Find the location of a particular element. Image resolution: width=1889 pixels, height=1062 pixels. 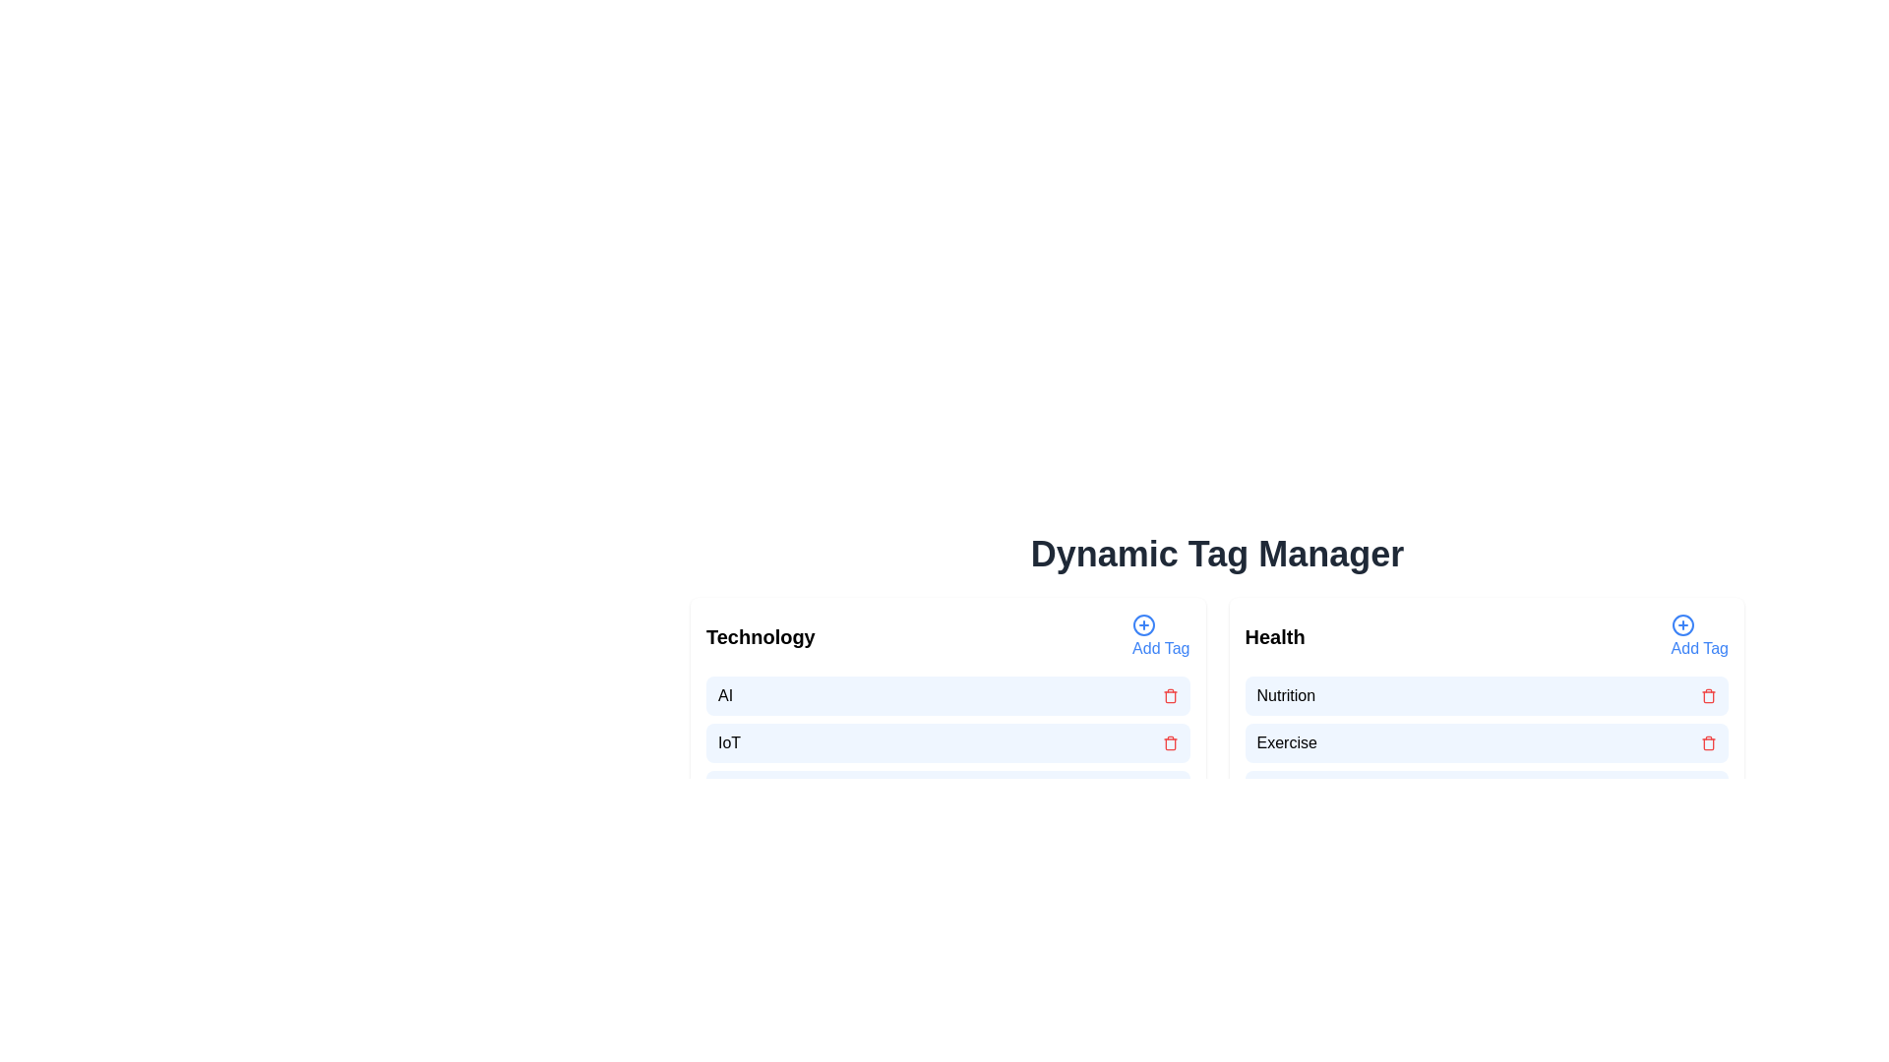

the button labeled 'Add Tag' located in the 'Technology' section is located at coordinates (1144, 625).